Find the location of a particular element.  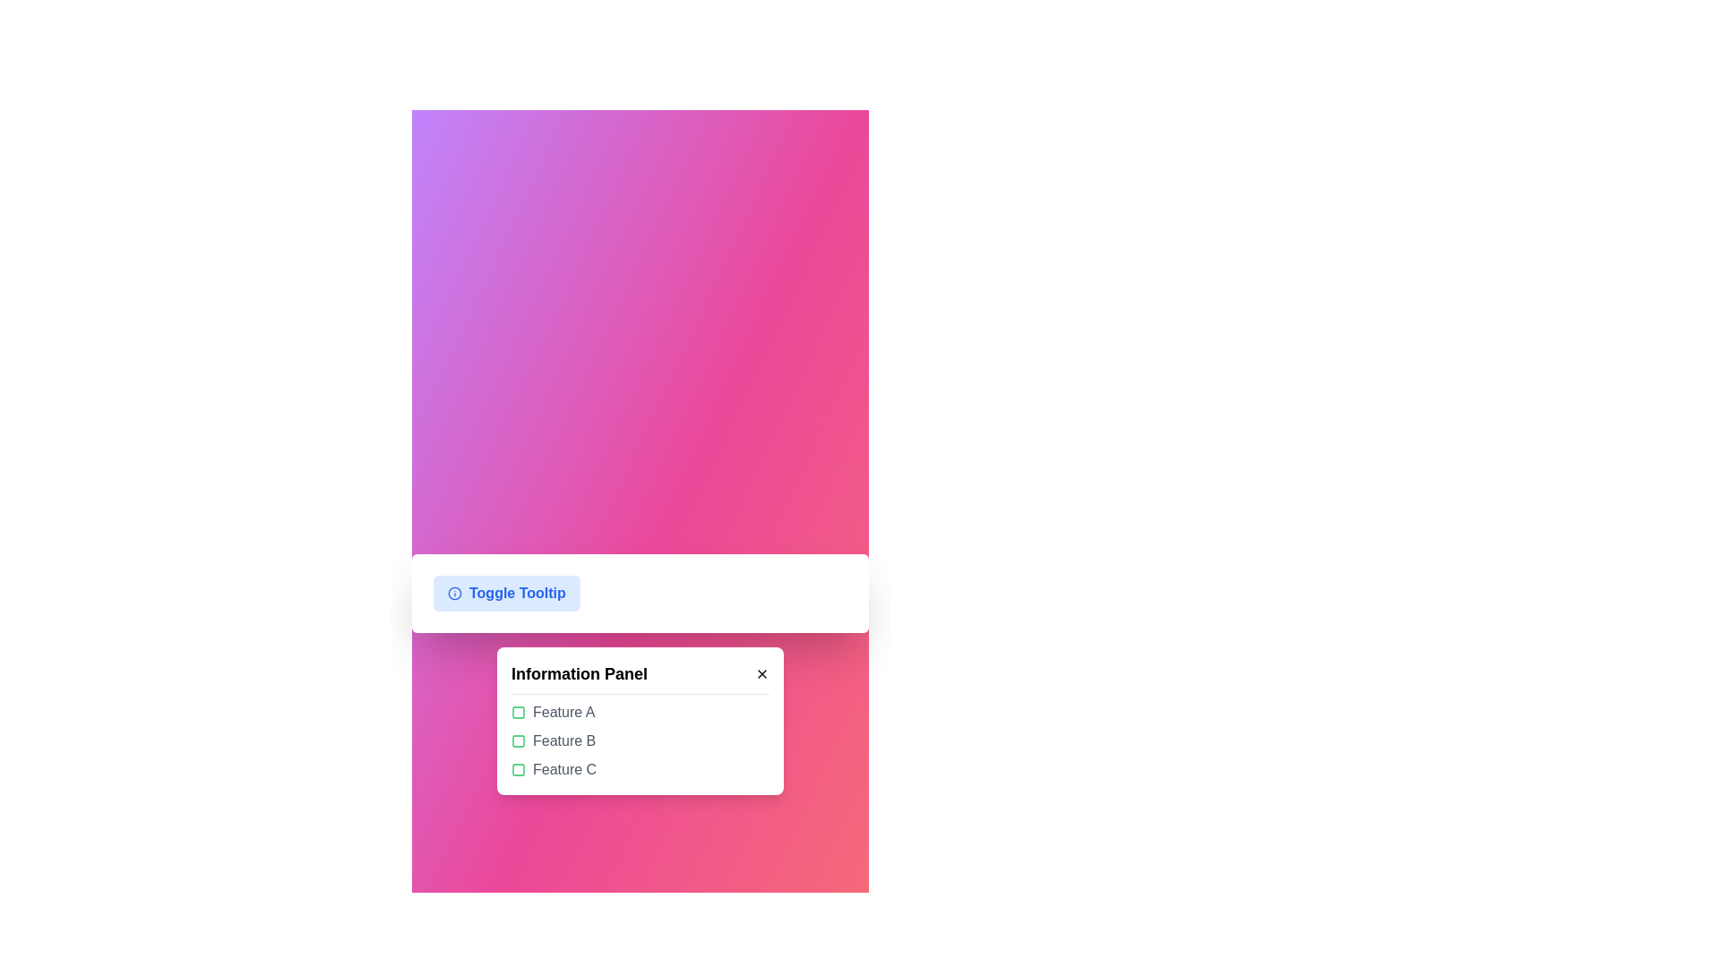

the close button located at the top-right corner of the 'Information Panel' is located at coordinates (761, 673).